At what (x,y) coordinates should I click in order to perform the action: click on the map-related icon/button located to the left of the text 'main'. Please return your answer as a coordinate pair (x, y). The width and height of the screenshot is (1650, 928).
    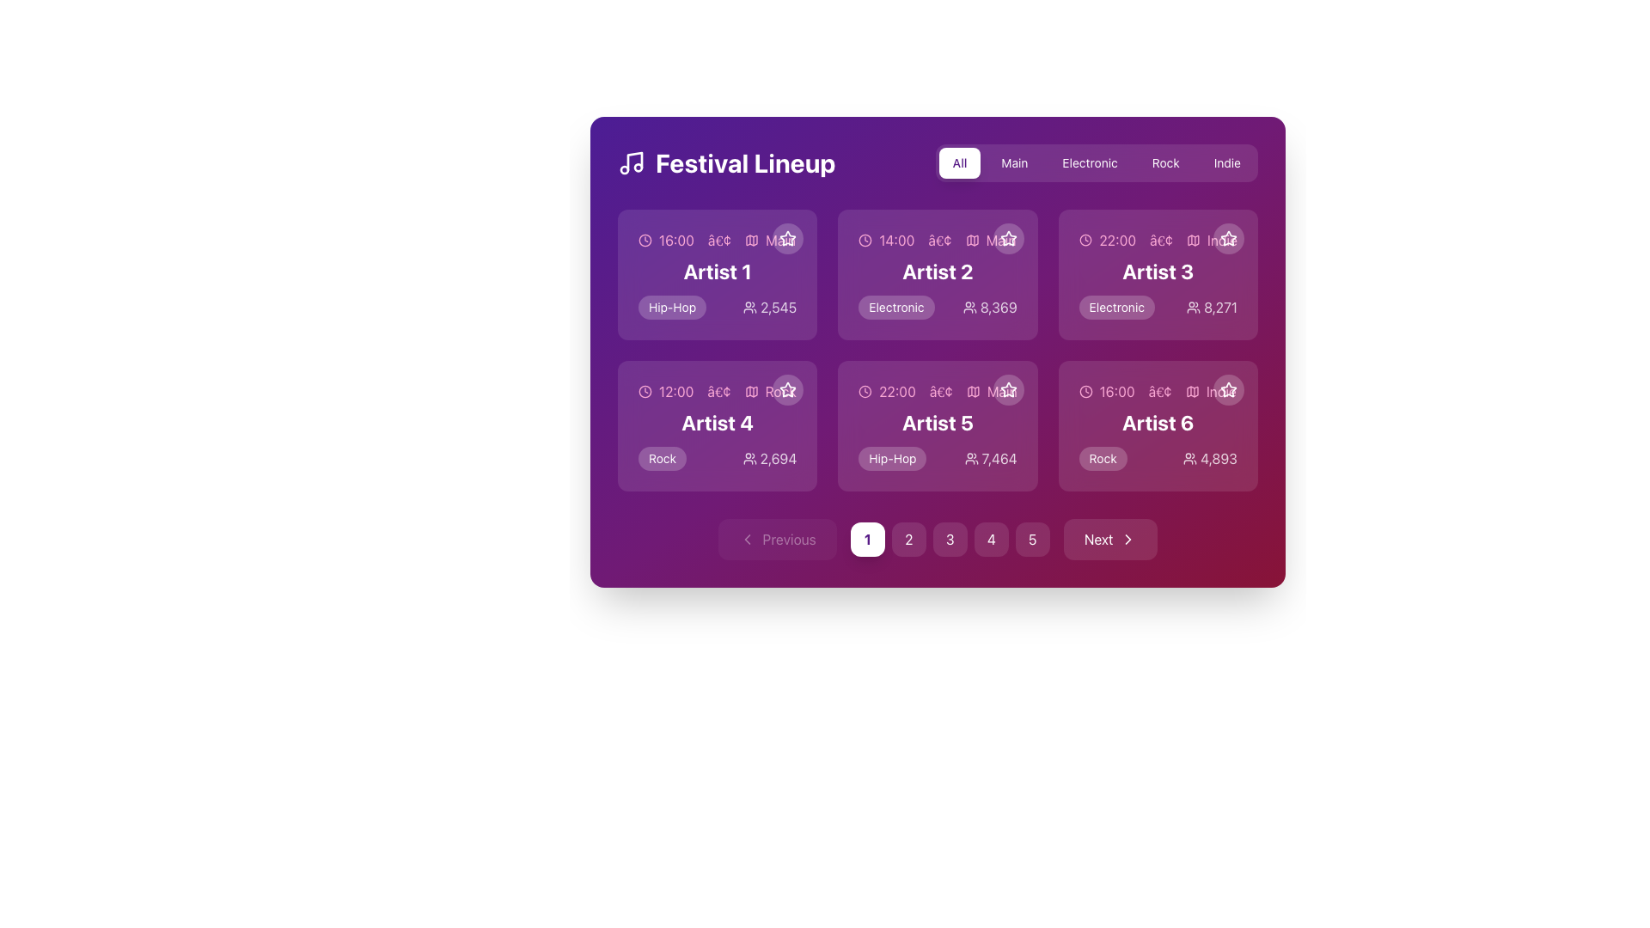
    Looking at the image, I should click on (752, 241).